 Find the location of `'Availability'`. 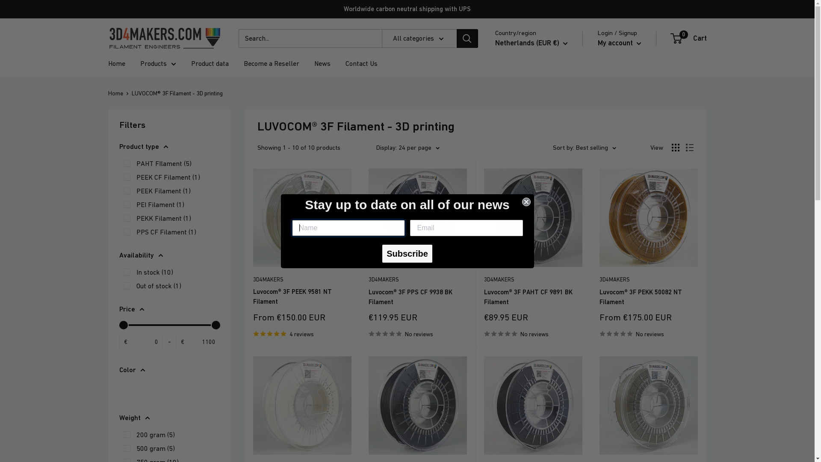

'Availability' is located at coordinates (118, 255).